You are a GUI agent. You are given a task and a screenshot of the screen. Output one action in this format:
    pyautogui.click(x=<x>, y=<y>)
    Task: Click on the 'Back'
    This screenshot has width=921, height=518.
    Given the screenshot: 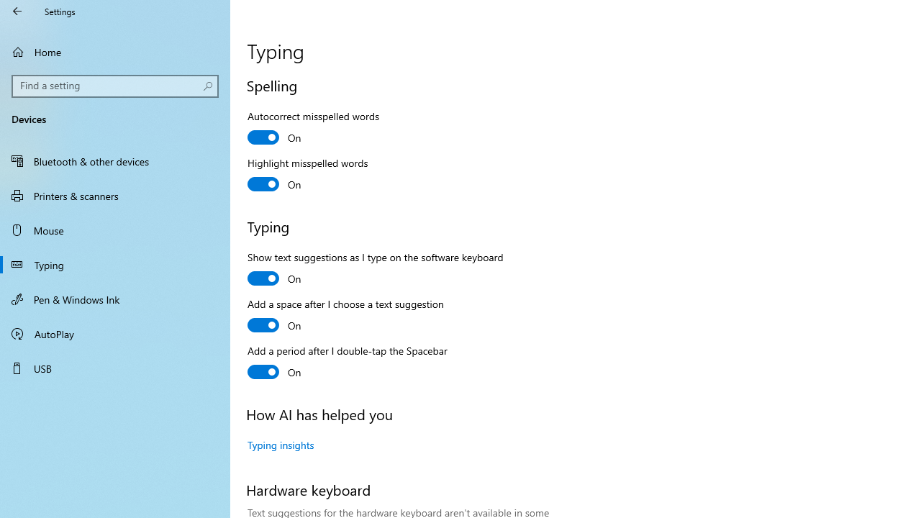 What is the action you would take?
    pyautogui.click(x=17, y=11)
    